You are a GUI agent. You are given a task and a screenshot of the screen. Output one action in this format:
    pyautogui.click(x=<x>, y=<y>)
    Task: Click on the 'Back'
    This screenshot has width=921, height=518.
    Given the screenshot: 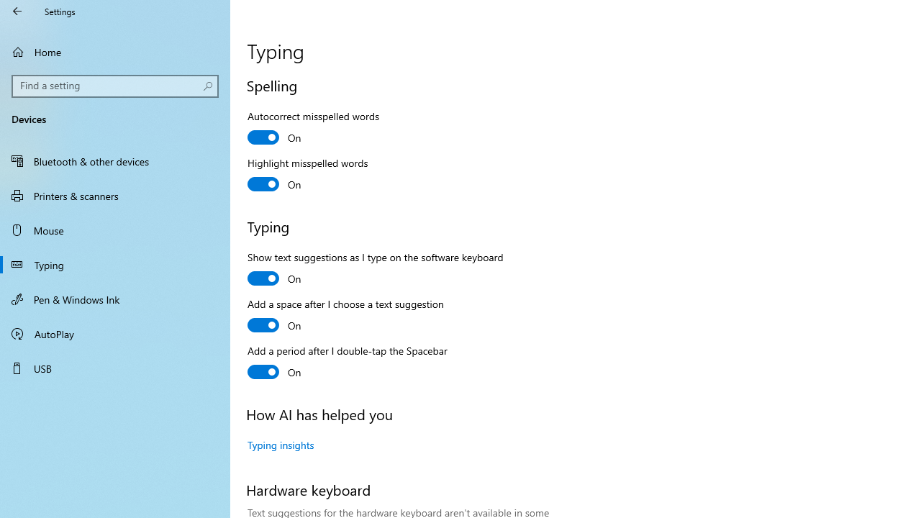 What is the action you would take?
    pyautogui.click(x=17, y=11)
    